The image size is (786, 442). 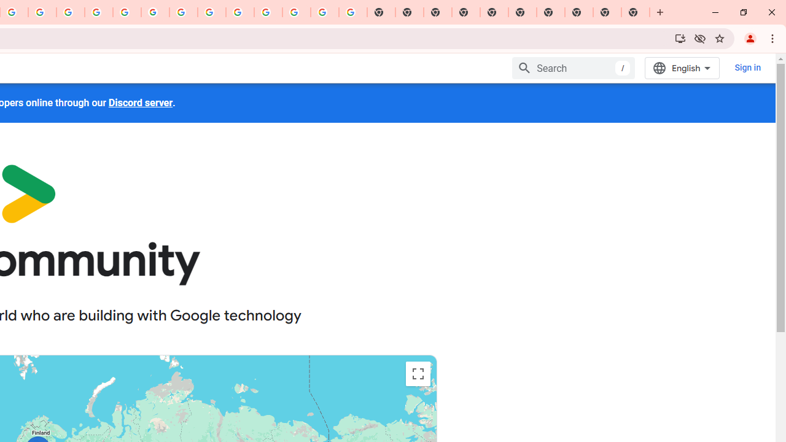 I want to click on 'Privacy Help Center - Policies Help', so click(x=70, y=12).